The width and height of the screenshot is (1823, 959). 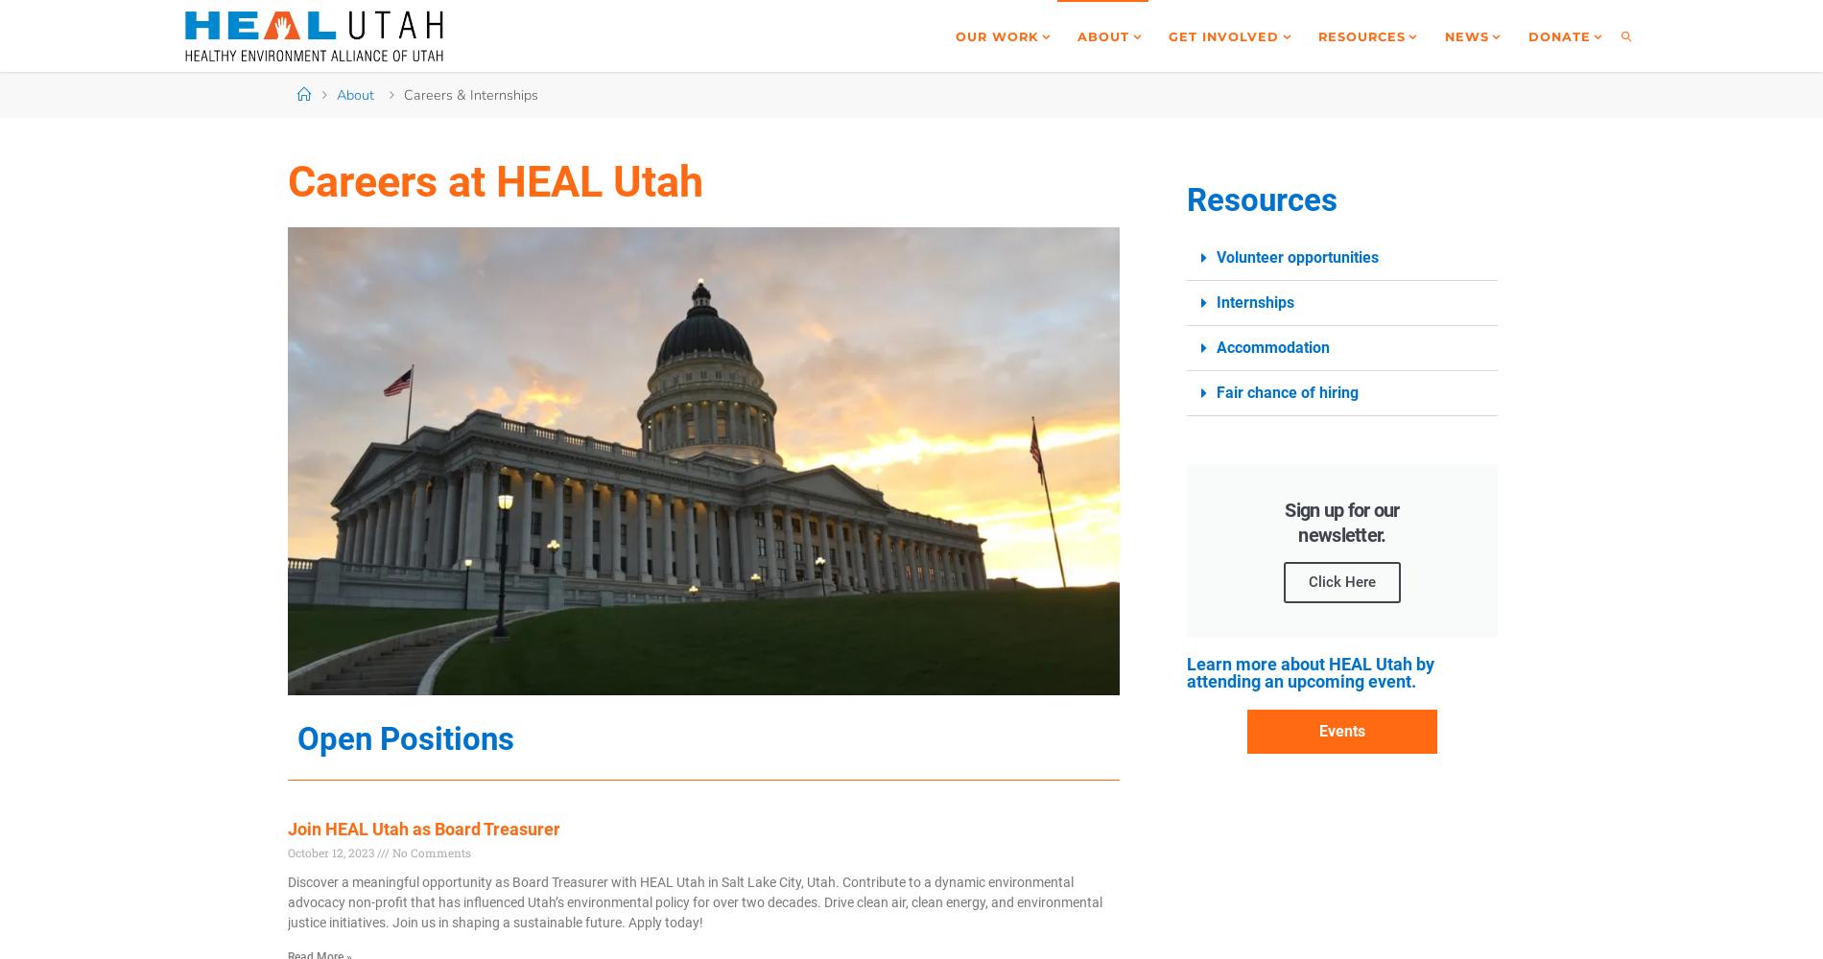 I want to click on 'Careers at HEAL Utah', so click(x=495, y=180).